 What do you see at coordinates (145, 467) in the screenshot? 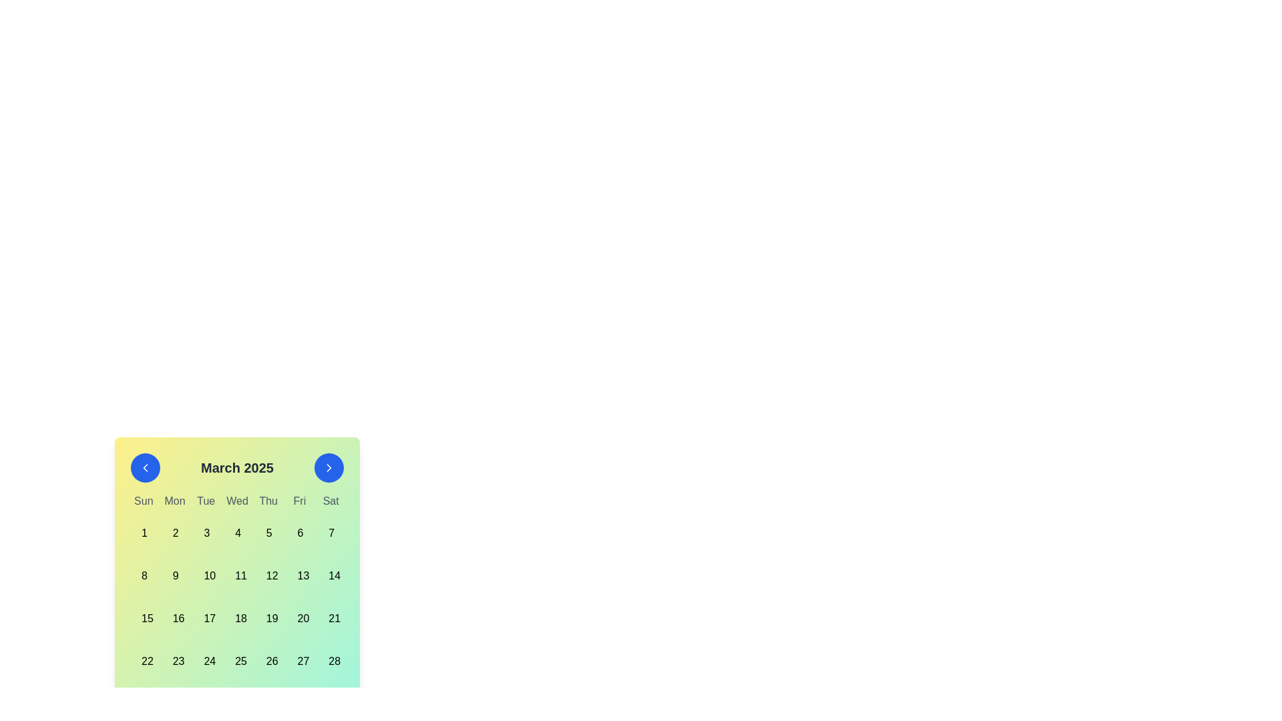
I see `the circular blue button with a white chevron symbol pointing left, located to the left of the title 'March 2025', to apply a shadow effect` at bounding box center [145, 467].